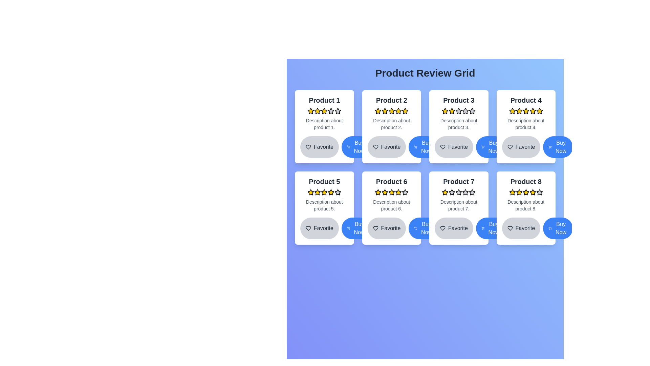  I want to click on the first star icon in the five-star rating system for 'Product 6' to initiate or modify a rating, so click(377, 192).